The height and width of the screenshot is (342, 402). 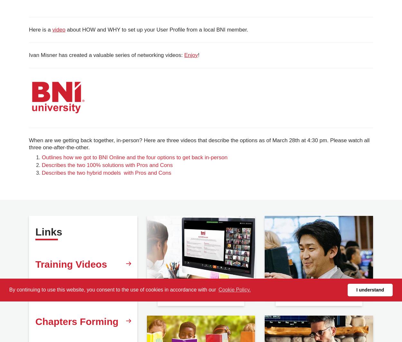 I want to click on 'video', so click(x=59, y=29).